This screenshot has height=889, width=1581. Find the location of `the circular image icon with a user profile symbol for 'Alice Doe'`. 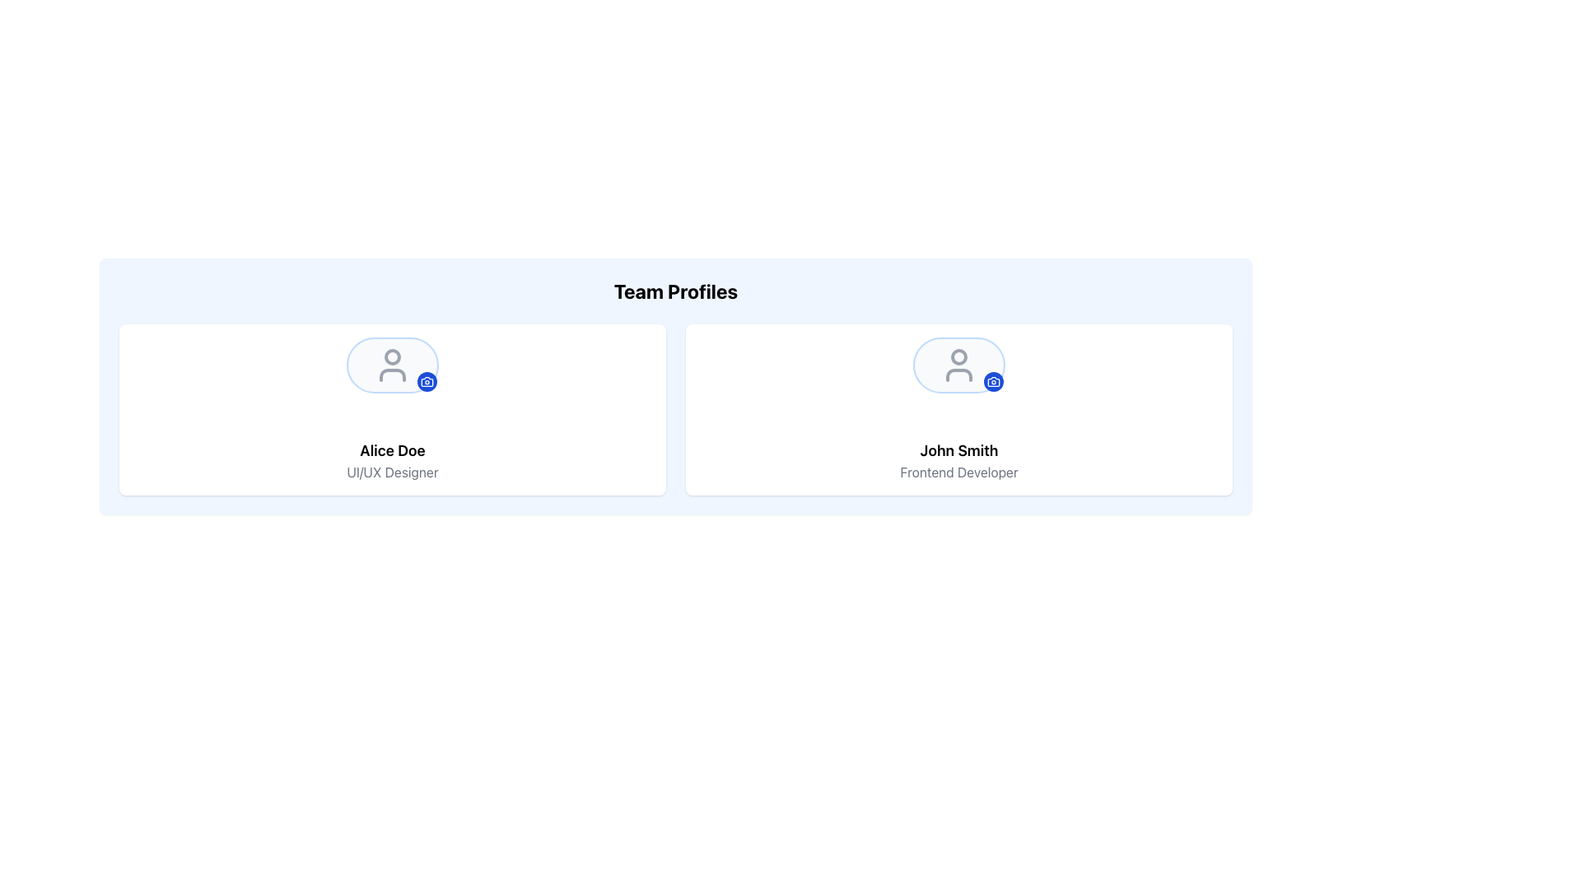

the circular image icon with a user profile symbol for 'Alice Doe' is located at coordinates (391, 384).